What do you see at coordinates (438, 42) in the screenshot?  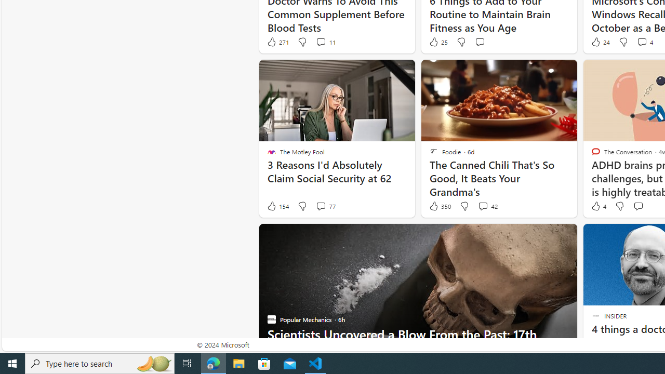 I see `'25 Like'` at bounding box center [438, 42].